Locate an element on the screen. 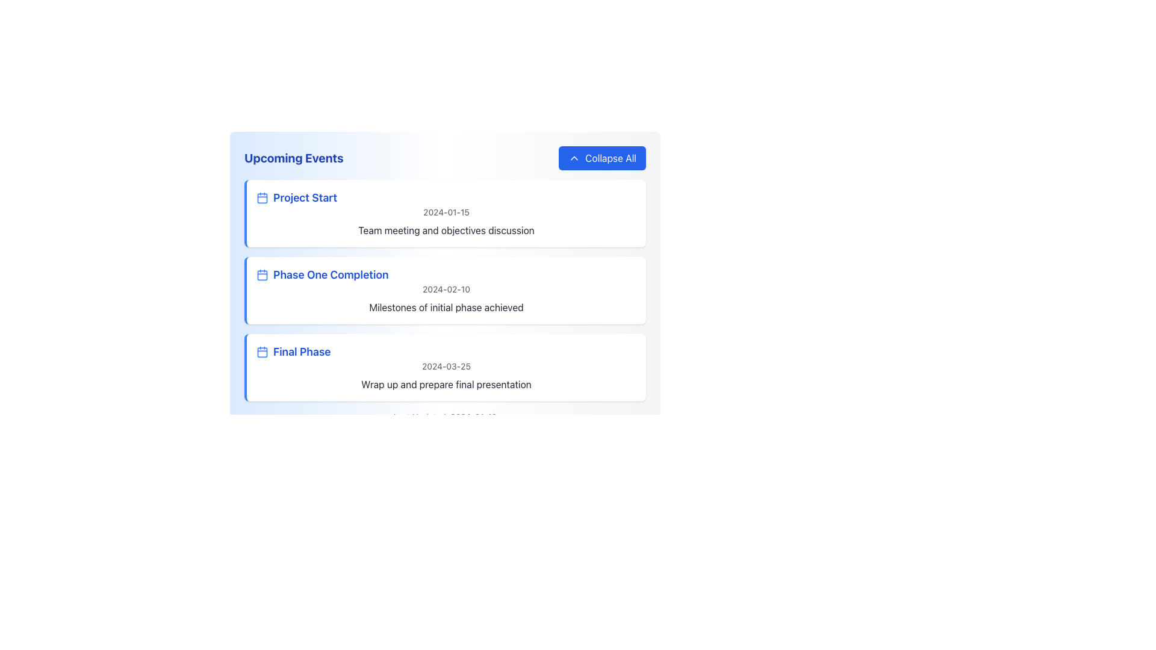  the 'Collapse All' button, which is a rectangular blue button with white text and an upward-pointing chevron icon, located in the top-right corner of the 'Upcoming Events' section is located at coordinates (601, 157).